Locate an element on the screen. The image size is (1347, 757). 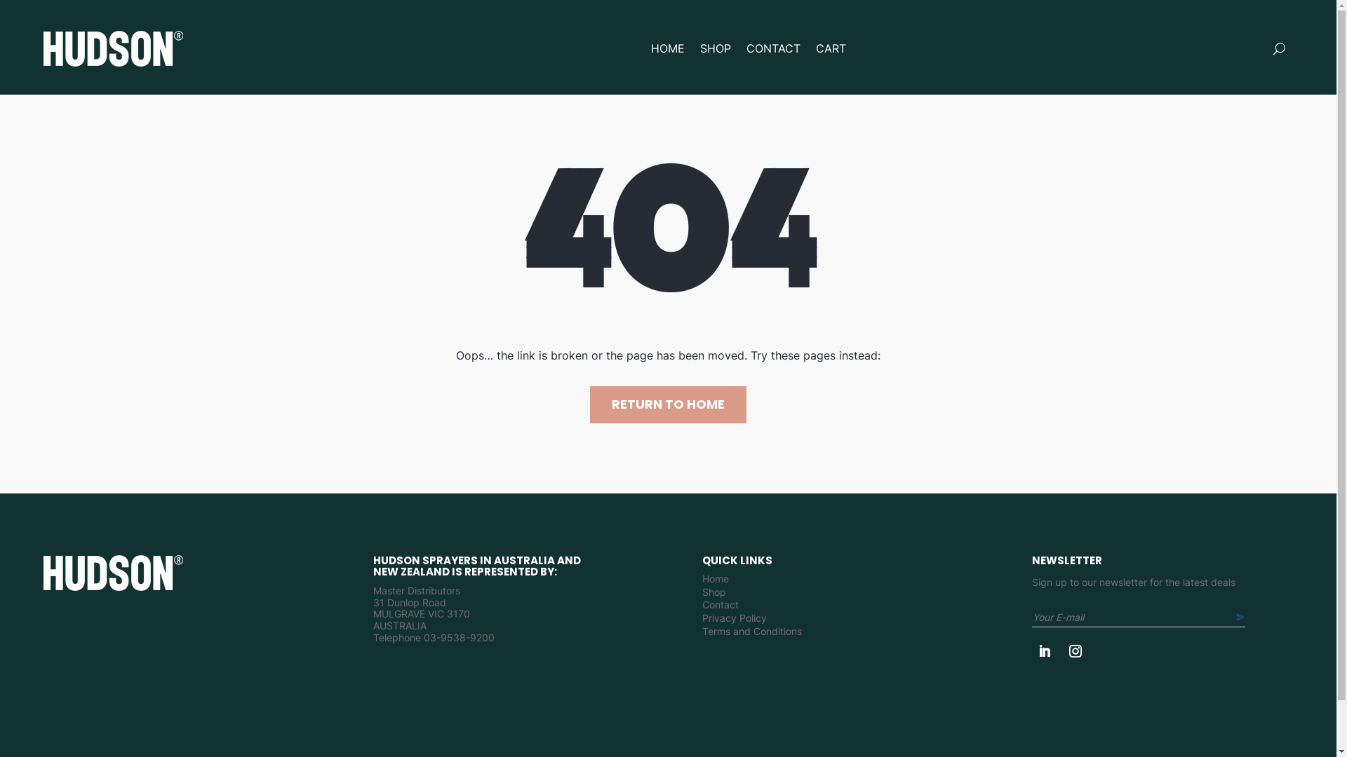
'Home' is located at coordinates (715, 582).